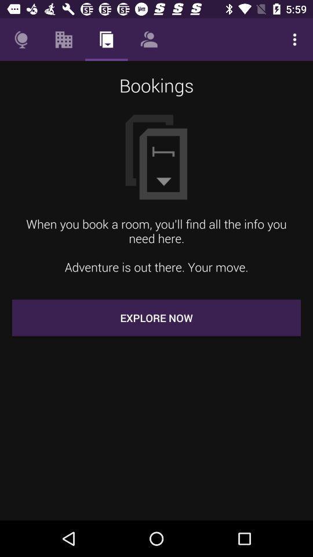 This screenshot has height=557, width=313. I want to click on the explore now, so click(156, 317).